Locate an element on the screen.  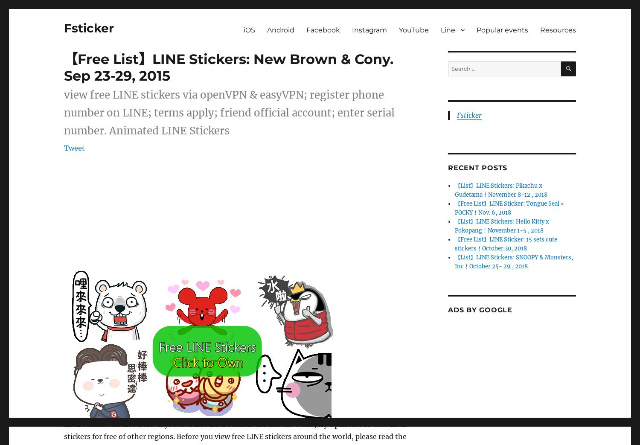
'Tweet' is located at coordinates (64, 148).